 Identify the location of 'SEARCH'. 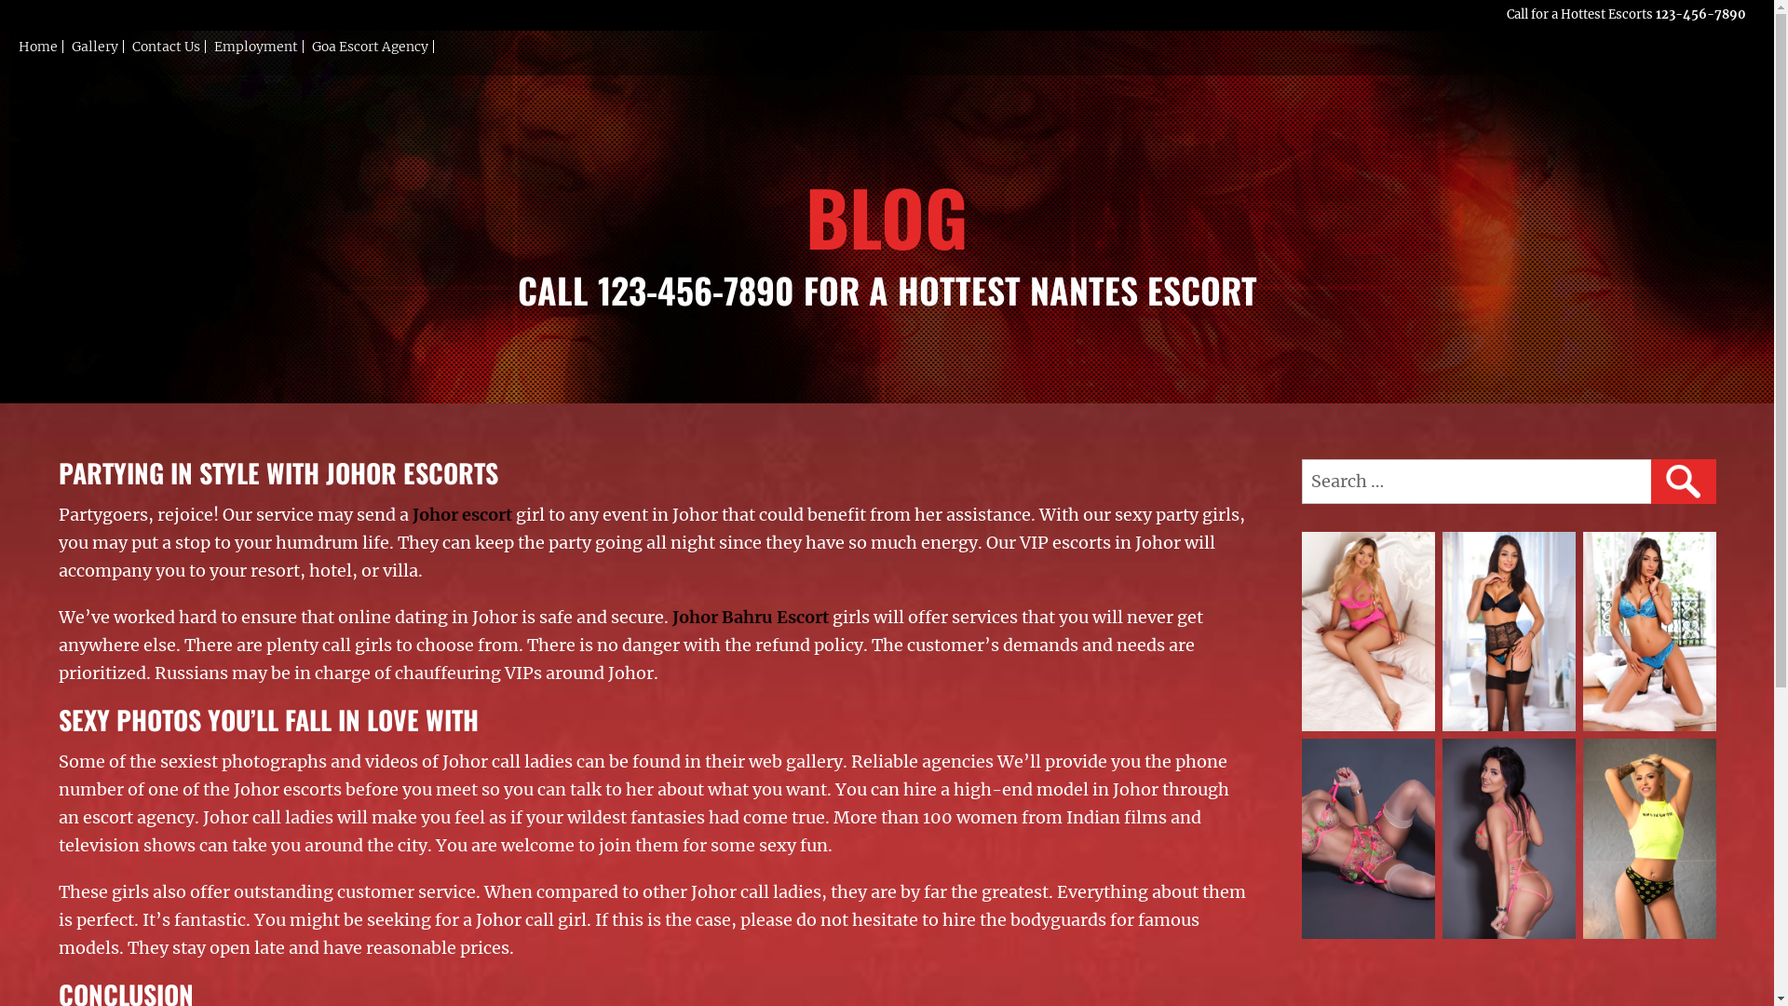
(1682, 480).